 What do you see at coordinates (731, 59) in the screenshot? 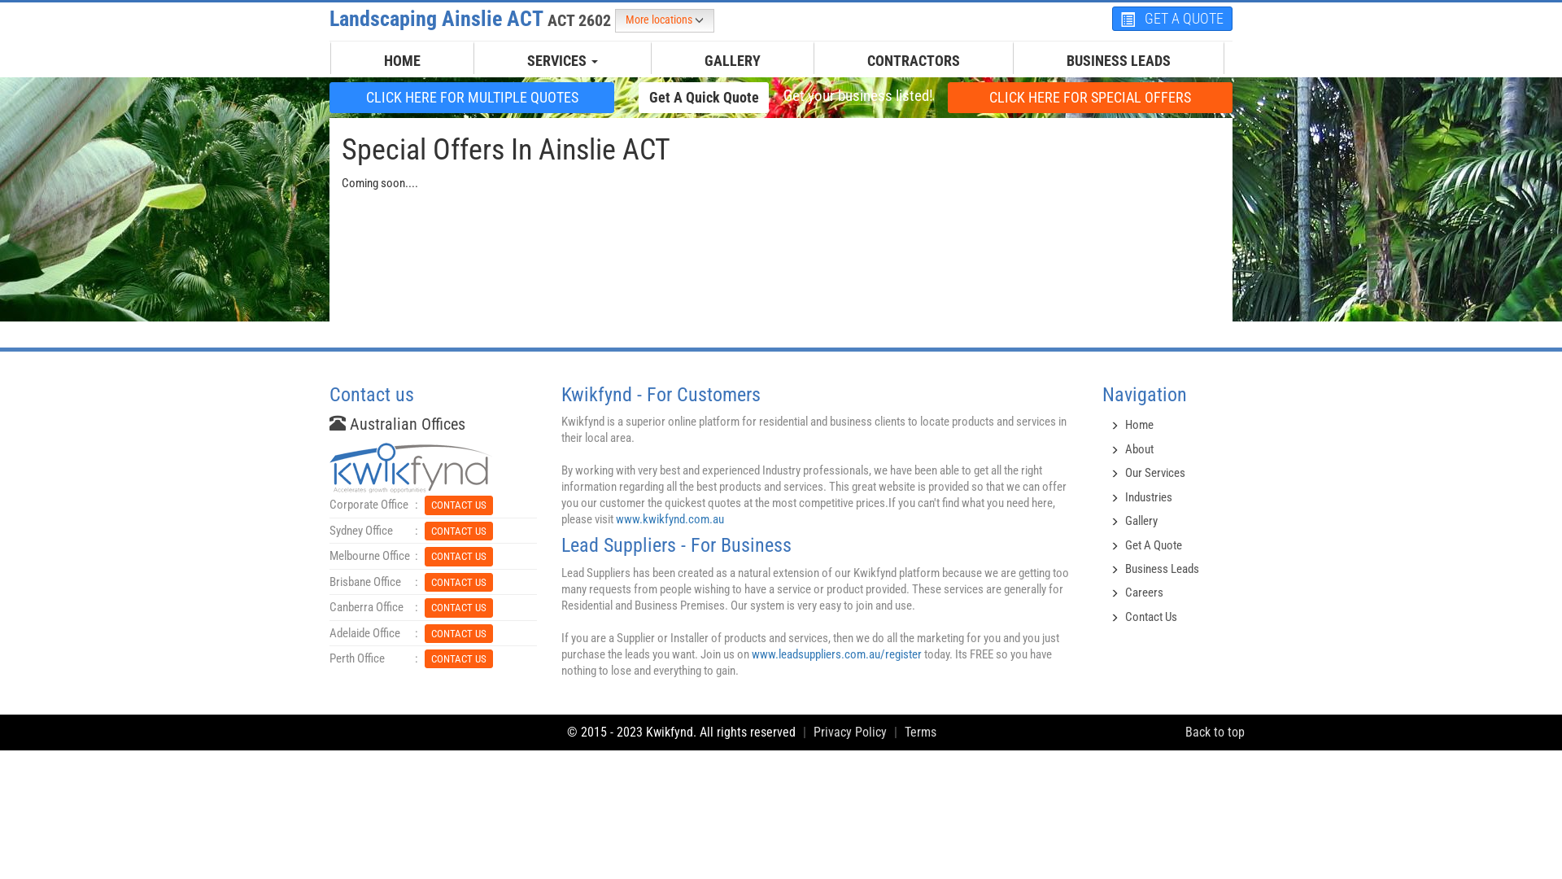
I see `'GALLERY'` at bounding box center [731, 59].